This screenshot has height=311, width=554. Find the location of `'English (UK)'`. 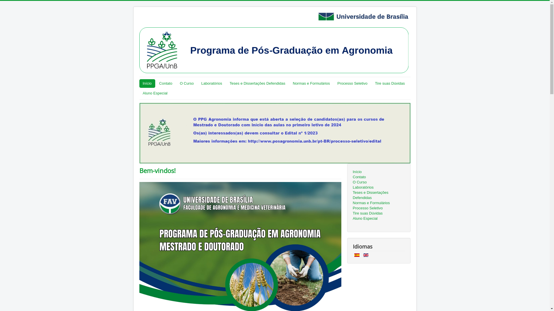

'English (UK)' is located at coordinates (365, 255).